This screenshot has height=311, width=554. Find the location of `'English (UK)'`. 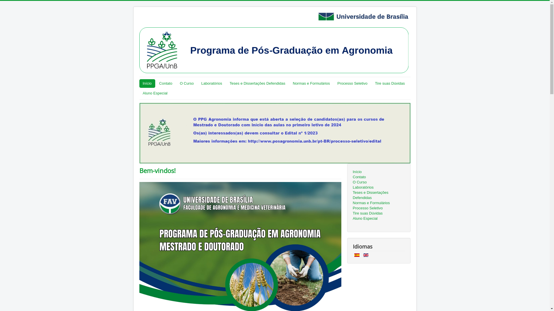

'English (UK)' is located at coordinates (365, 255).